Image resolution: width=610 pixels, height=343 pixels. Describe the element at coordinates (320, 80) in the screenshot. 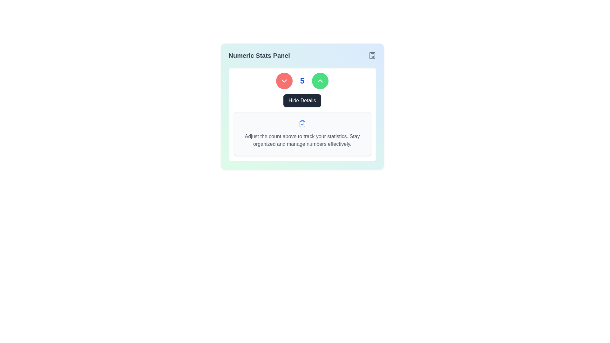

I see `the circular green button with a white upward chevron icon to increment the value, located to the right of the numeric value '5' and a red button with a downward chevron icon` at that location.